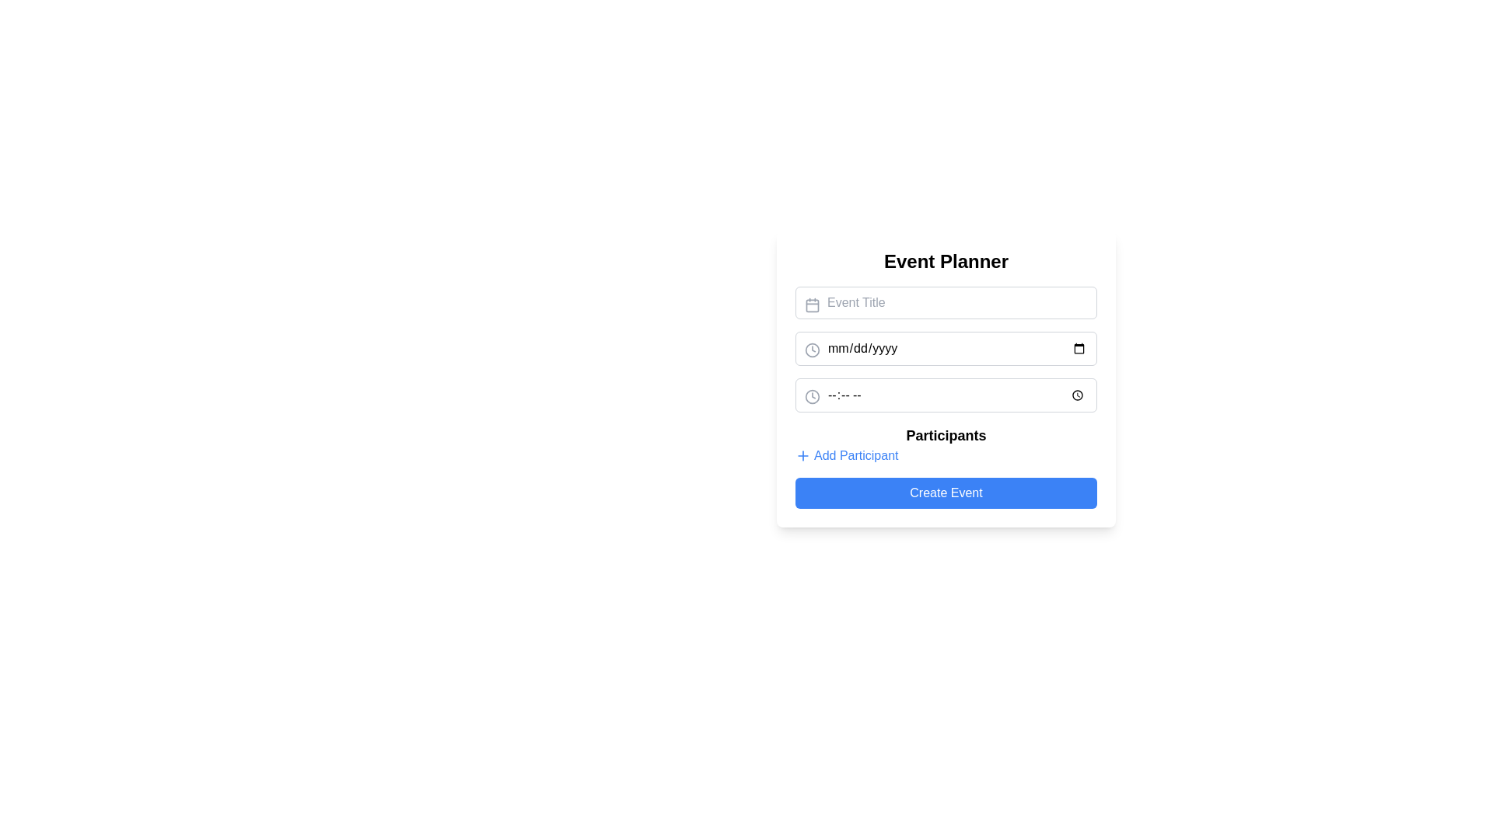 The height and width of the screenshot is (839, 1493). I want to click on the main form area of the 'Event Planner' UI, which contains various inputs for event details, so click(946, 397).